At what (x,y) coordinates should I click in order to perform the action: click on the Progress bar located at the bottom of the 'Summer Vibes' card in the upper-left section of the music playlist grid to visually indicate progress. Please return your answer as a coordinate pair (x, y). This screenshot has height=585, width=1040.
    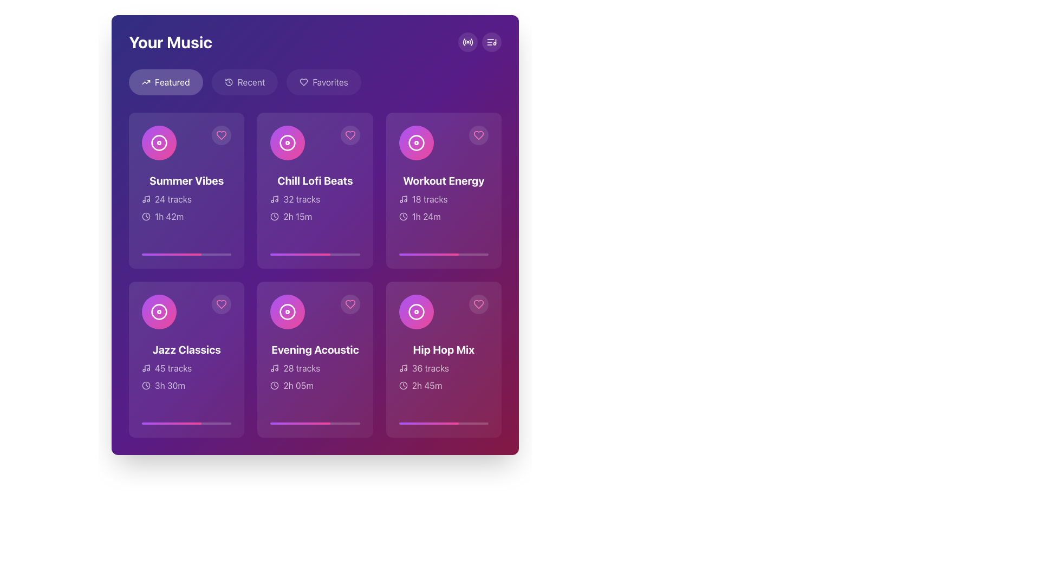
    Looking at the image, I should click on (186, 255).